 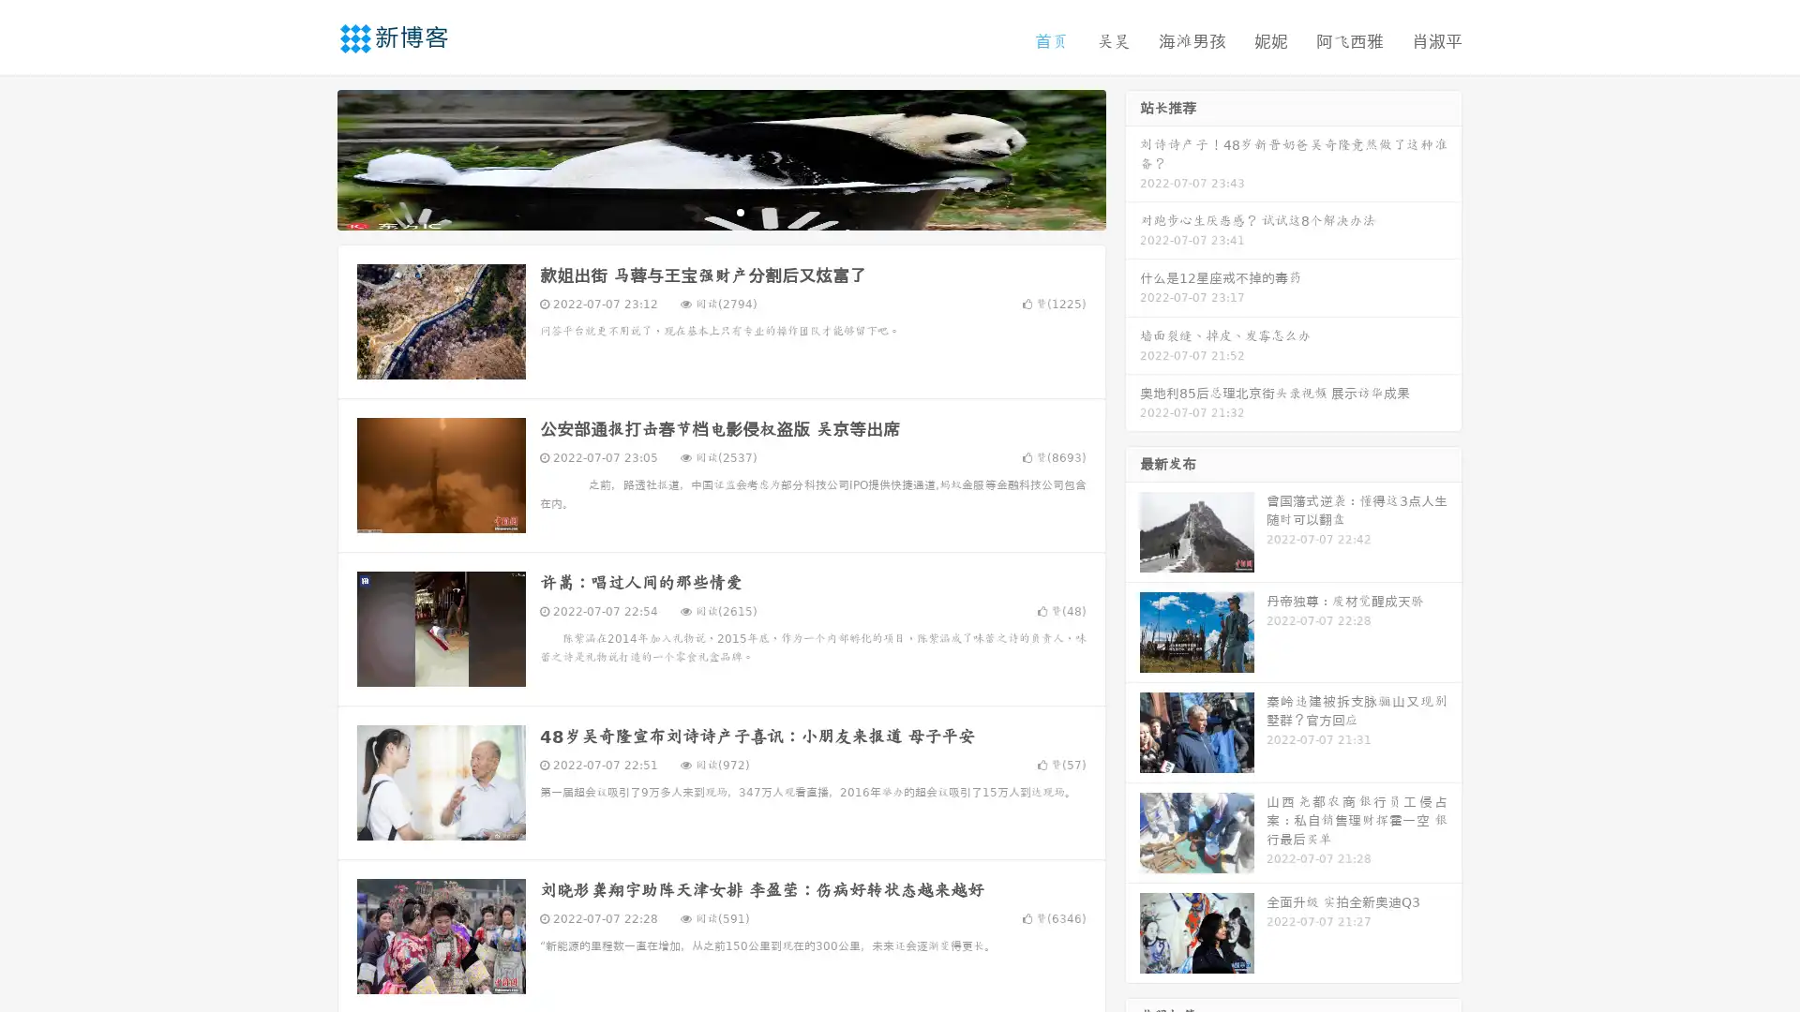 I want to click on Next slide, so click(x=1132, y=157).